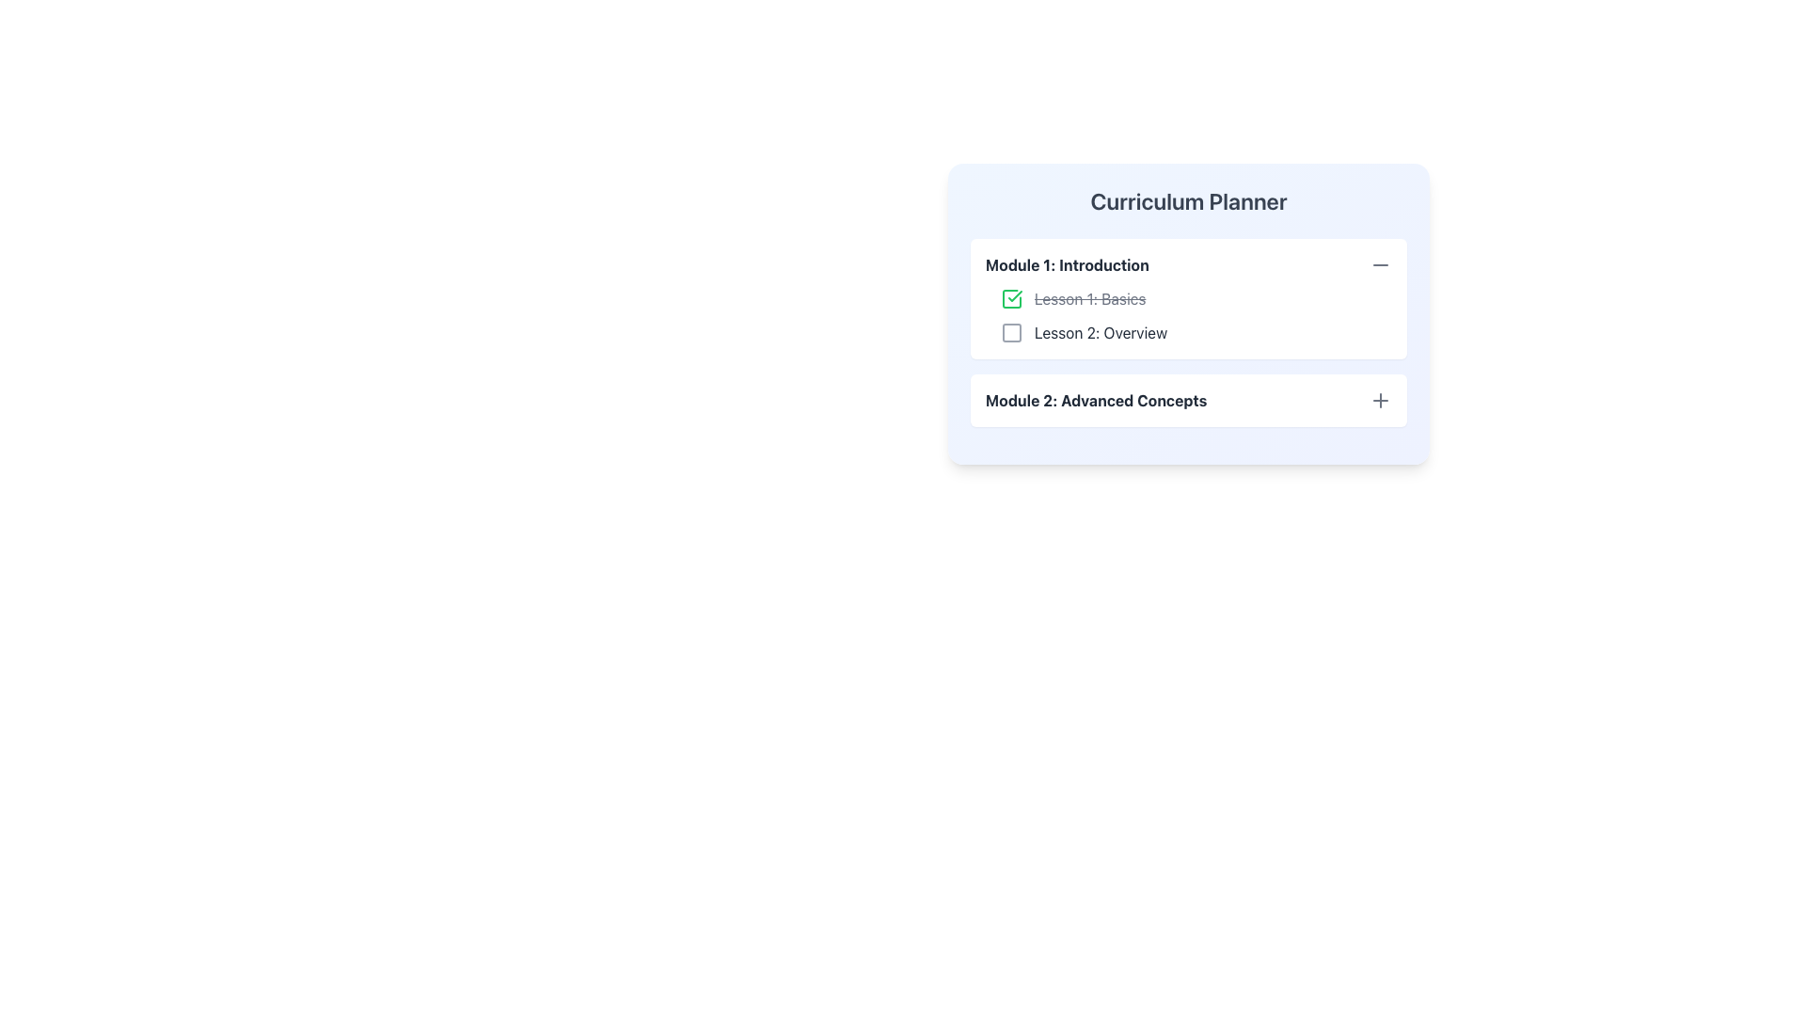  What do you see at coordinates (1010, 297) in the screenshot?
I see `the Checkbox Icon indicating the completion state of 'Lesson 1: Basics' in the 'Module 1: Introduction' section` at bounding box center [1010, 297].